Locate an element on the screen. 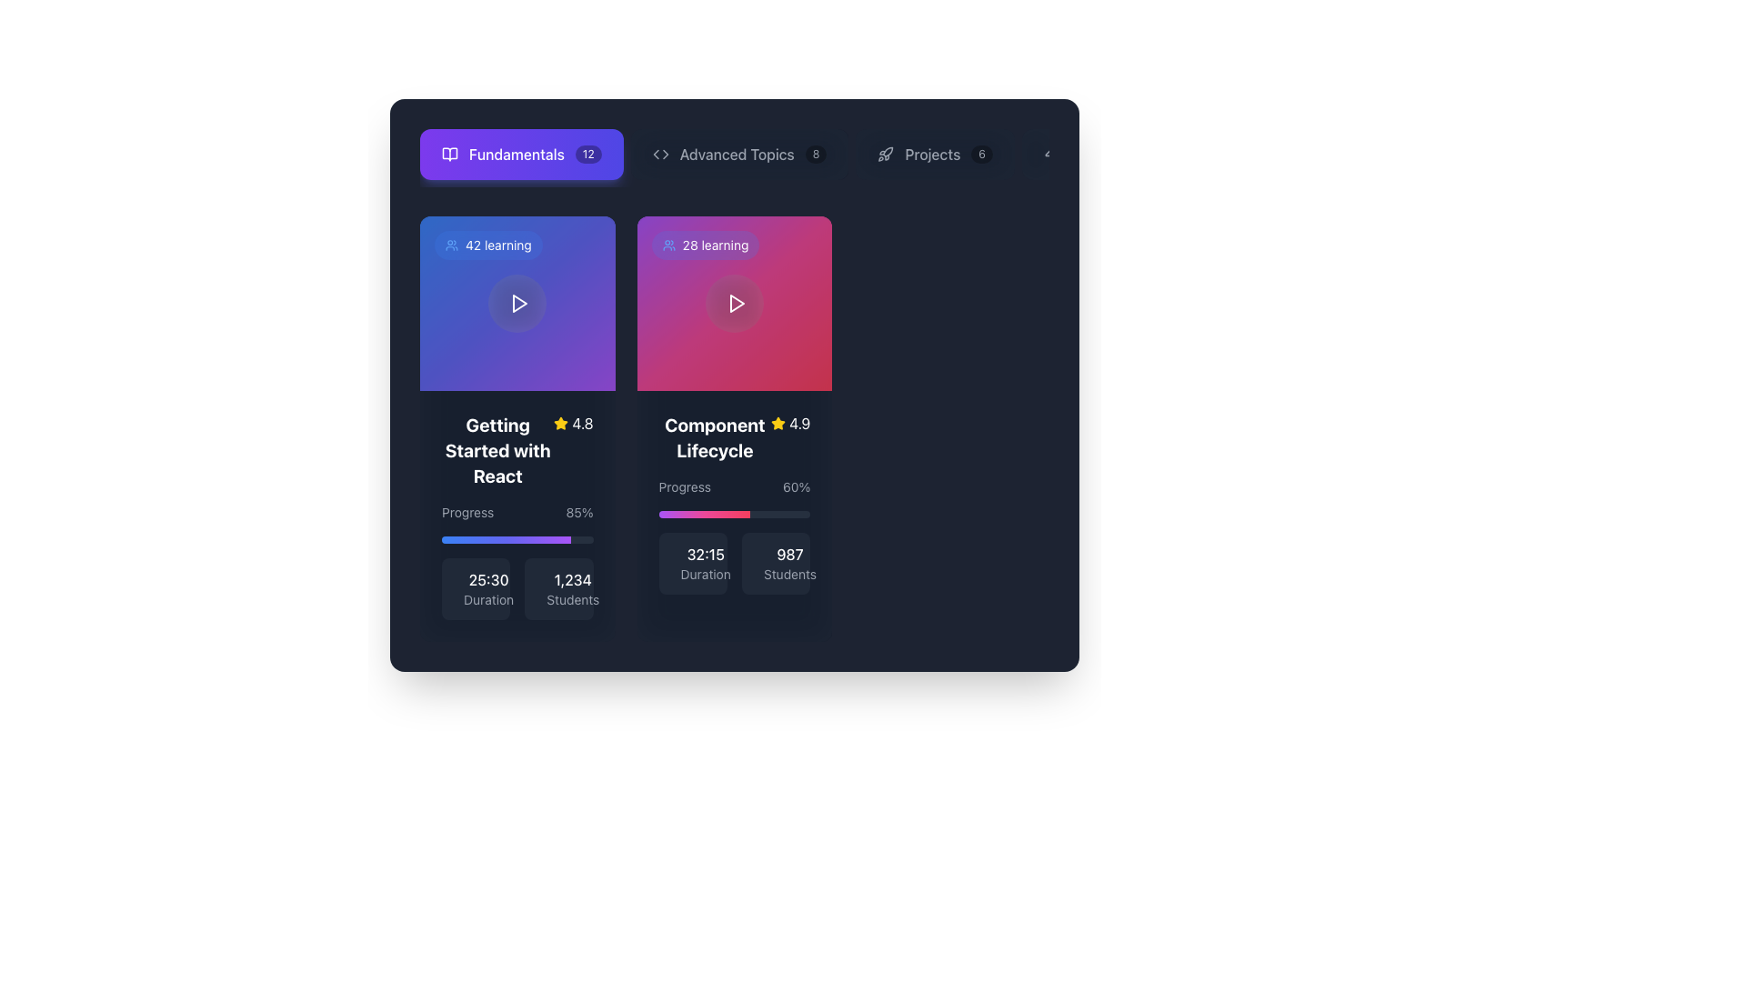  the 'Students' label, which is styled in a smaller light gray font and positioned below the number '1,234' within a card interface is located at coordinates (572, 599).